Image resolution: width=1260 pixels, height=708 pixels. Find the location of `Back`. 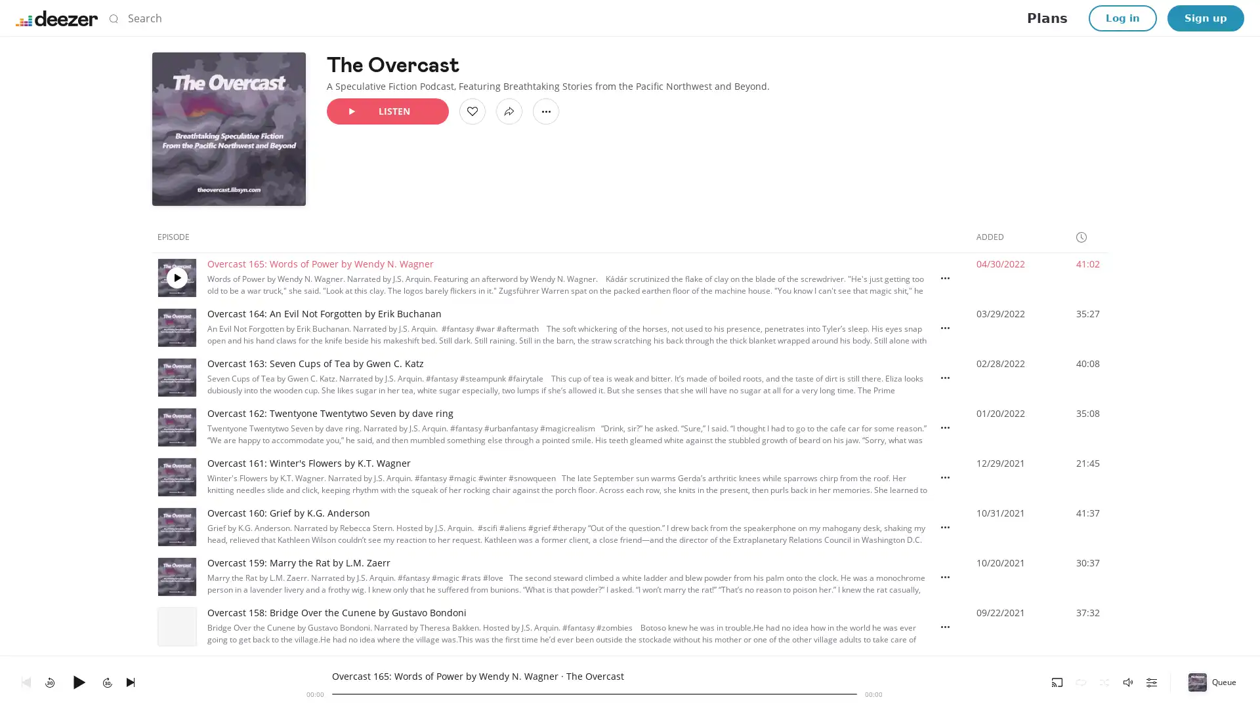

Back is located at coordinates (26, 681).